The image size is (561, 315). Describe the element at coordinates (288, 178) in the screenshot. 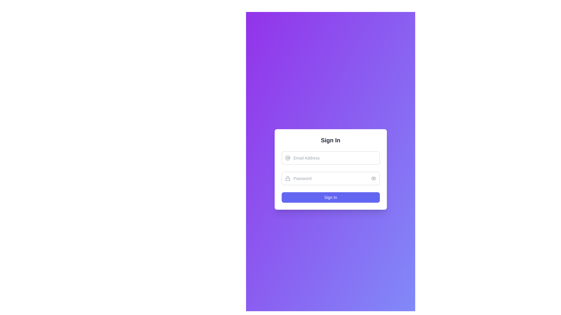

I see `the decorative lock icon that is styled in light gray, positioned to the left of the password input field with placeholder text 'Password'` at that location.